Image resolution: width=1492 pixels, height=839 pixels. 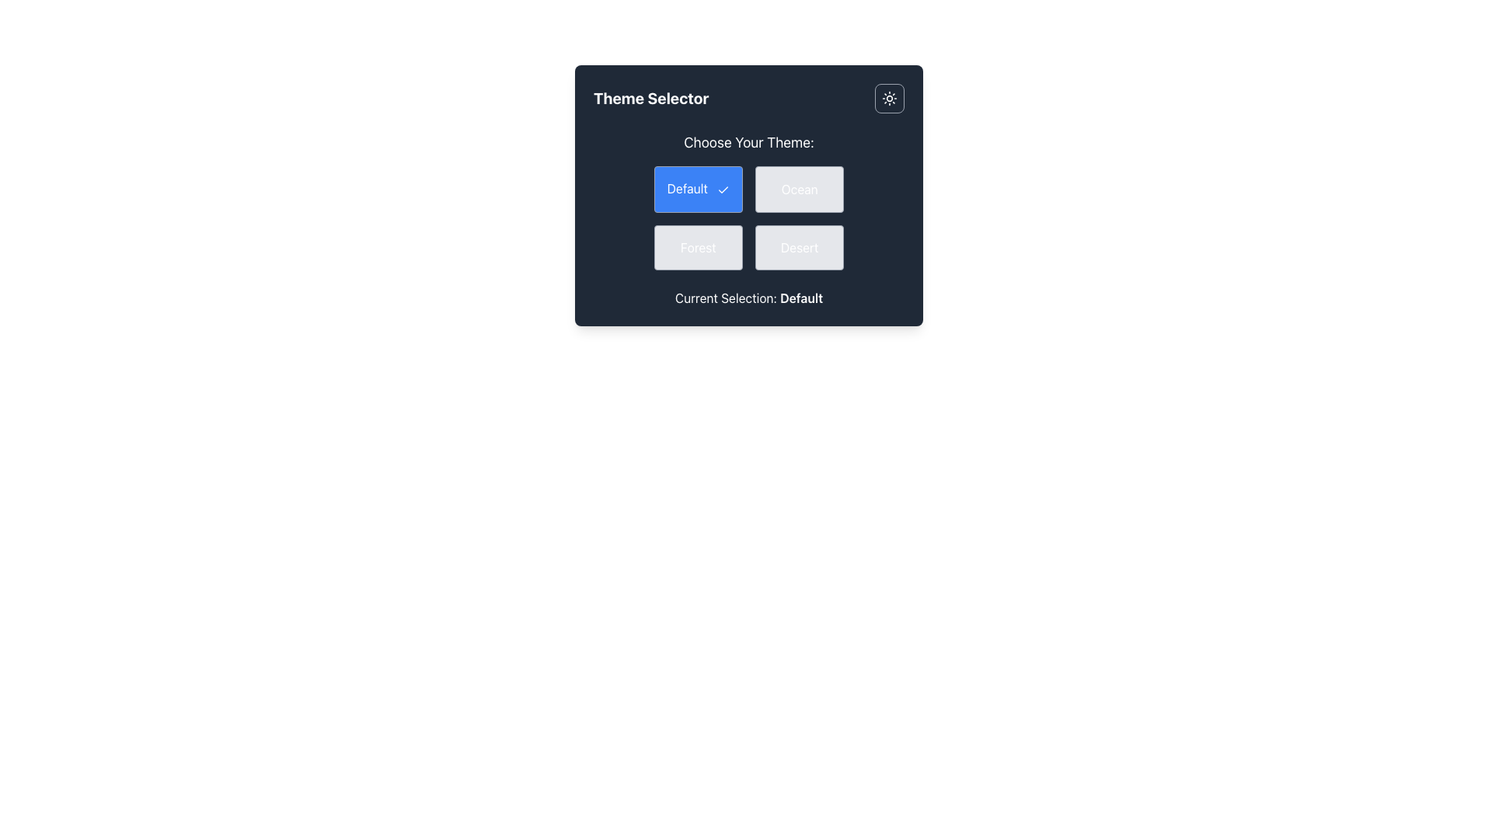 What do you see at coordinates (800, 188) in the screenshot?
I see `the rectangular button labeled 'Ocean' with rounded corners` at bounding box center [800, 188].